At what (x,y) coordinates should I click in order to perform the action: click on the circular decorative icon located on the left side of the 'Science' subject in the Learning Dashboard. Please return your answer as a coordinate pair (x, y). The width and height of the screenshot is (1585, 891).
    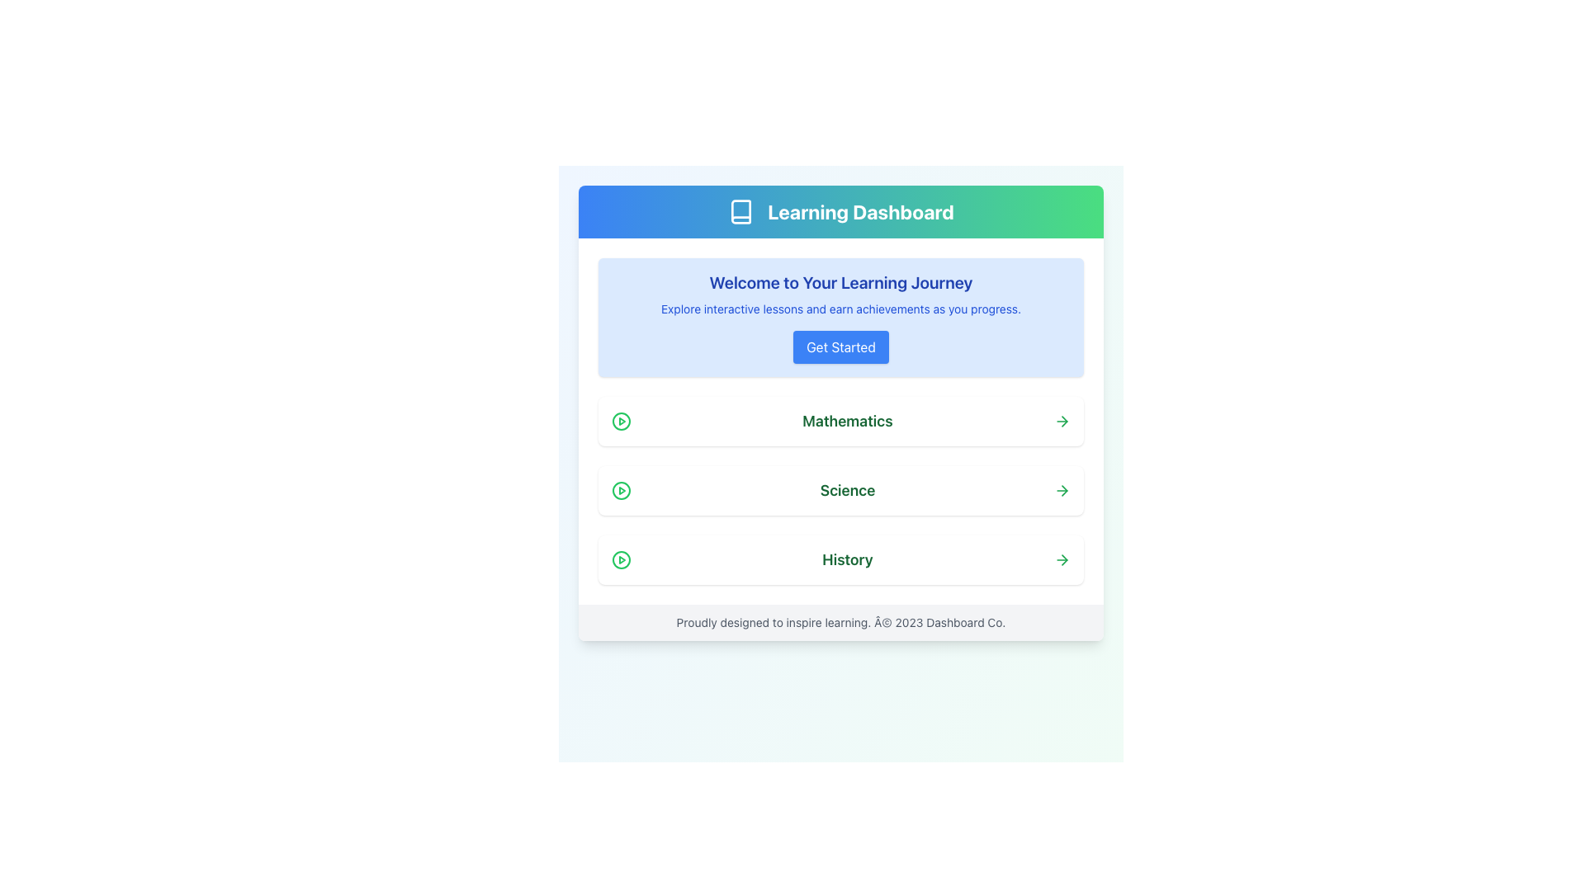
    Looking at the image, I should click on (621, 489).